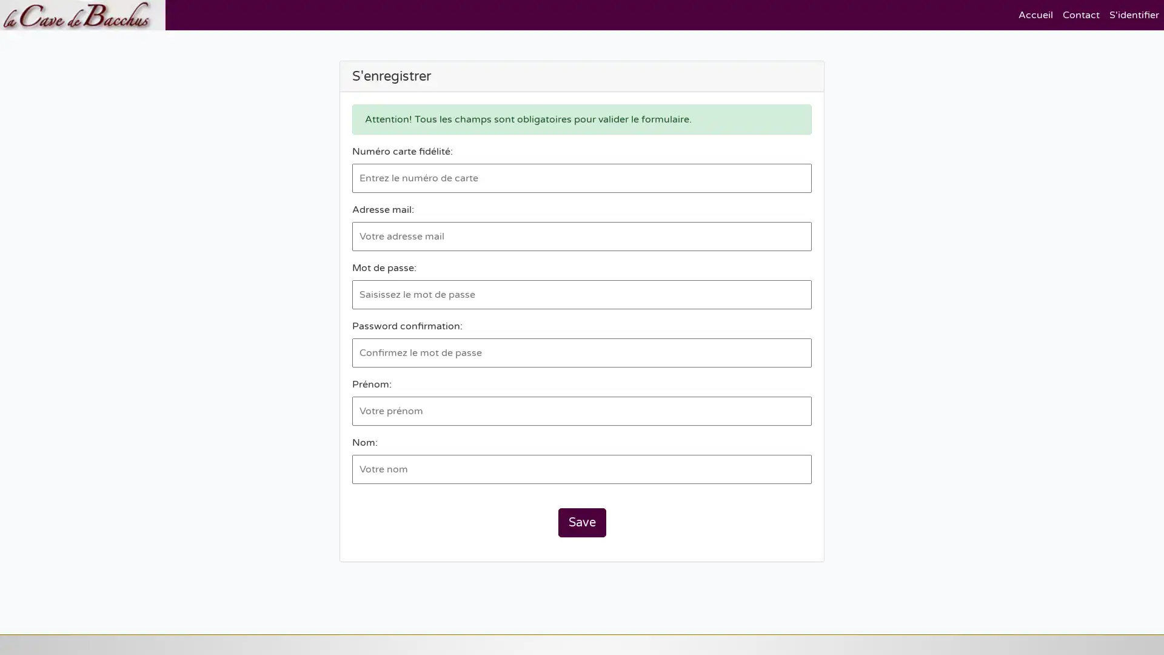 The image size is (1164, 655). What do you see at coordinates (581, 522) in the screenshot?
I see `Save` at bounding box center [581, 522].